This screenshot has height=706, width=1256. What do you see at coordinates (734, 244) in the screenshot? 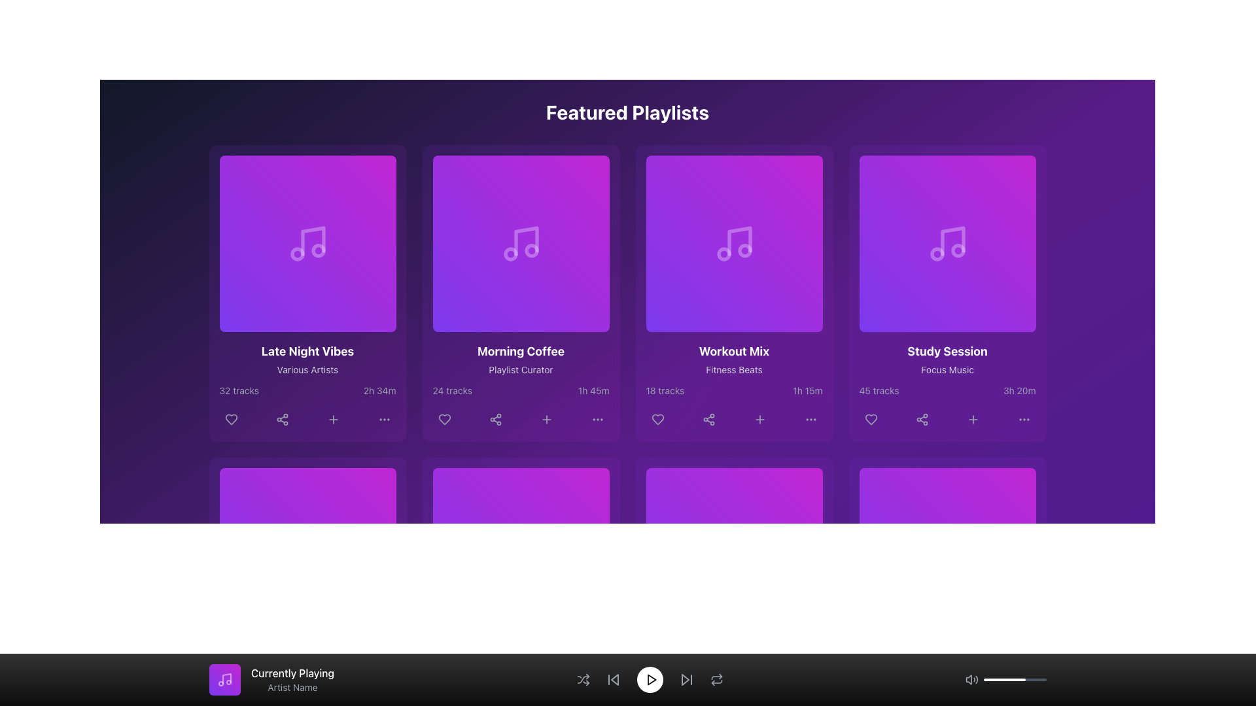
I see `the music note icon located in the third card from the left in the 'Featured Playlists' section, which is centered in the card's purple gradient background area` at bounding box center [734, 244].